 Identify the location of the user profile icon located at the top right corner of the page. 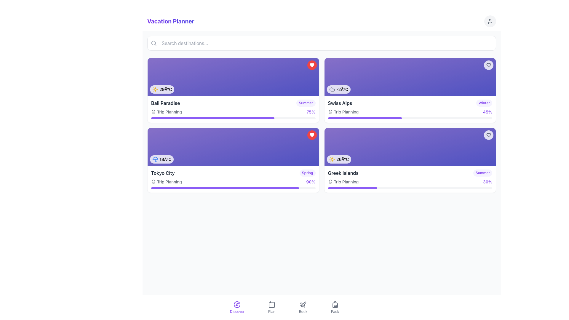
(490, 21).